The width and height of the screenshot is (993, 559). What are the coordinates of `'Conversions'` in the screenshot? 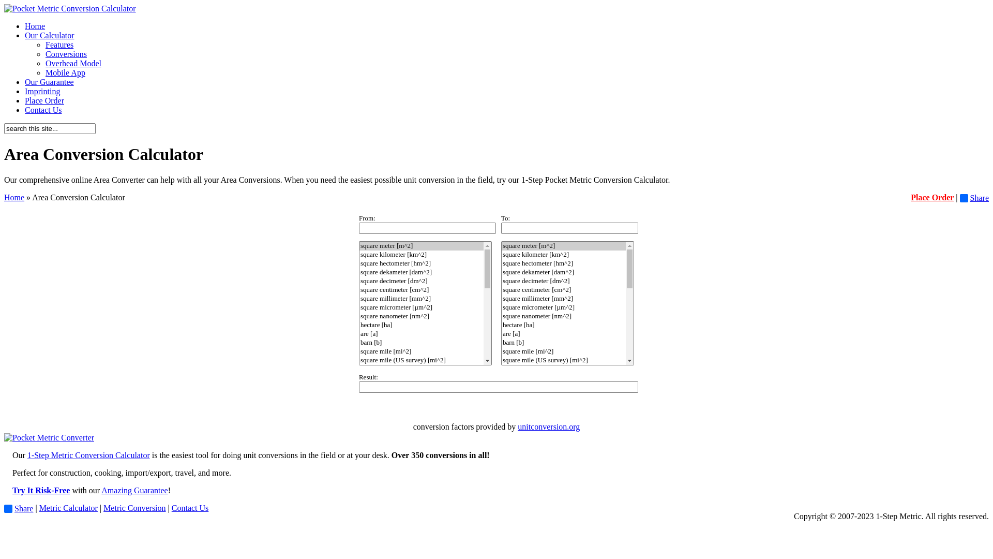 It's located at (66, 54).